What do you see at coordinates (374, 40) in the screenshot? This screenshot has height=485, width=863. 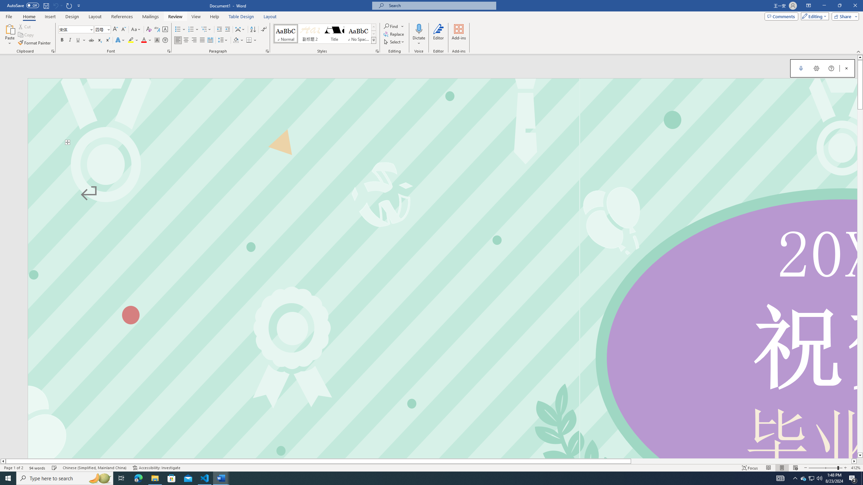 I see `'Styles'` at bounding box center [374, 40].